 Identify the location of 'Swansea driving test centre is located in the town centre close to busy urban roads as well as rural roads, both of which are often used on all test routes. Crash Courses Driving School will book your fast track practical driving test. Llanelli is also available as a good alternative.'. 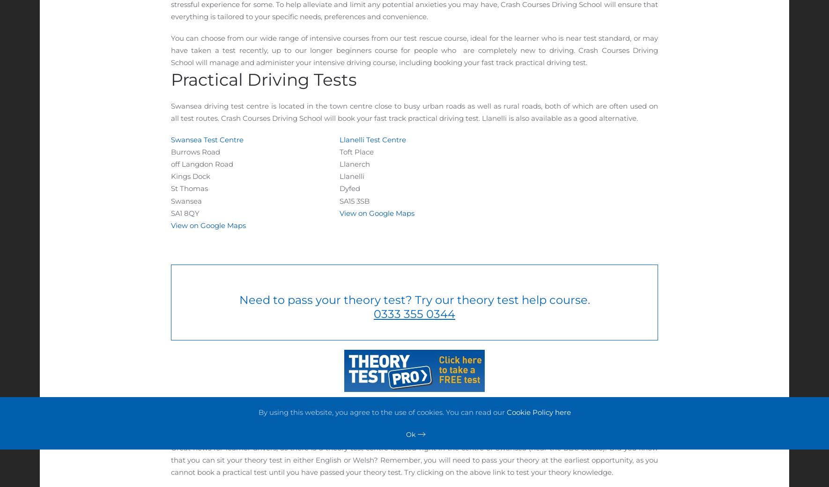
(414, 111).